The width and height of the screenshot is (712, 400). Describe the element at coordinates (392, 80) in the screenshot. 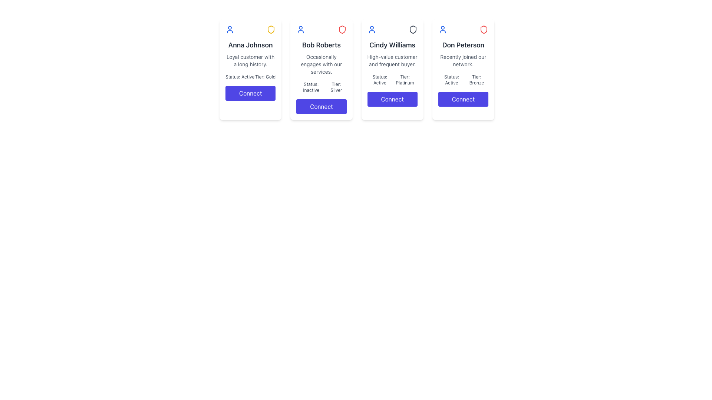

I see `the text label displaying 'Status: Active' and 'Tier: Platinum' within Cindy Williams' profile card, positioned between the description and the 'Connect' button` at that location.